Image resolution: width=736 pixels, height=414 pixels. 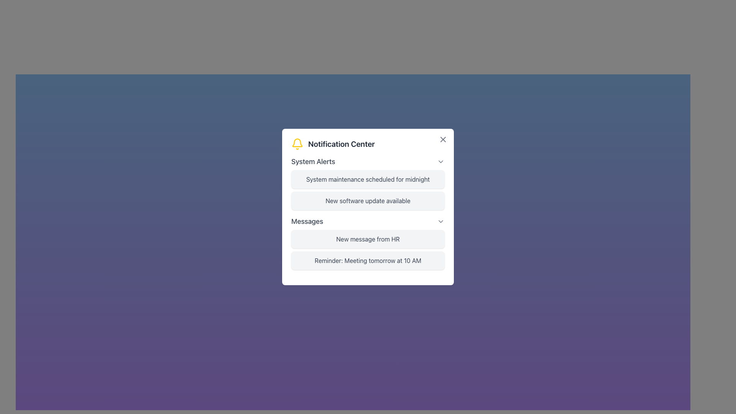 I want to click on the 'X' shaped close button located at the top-right corner of the notification dialog box, so click(x=443, y=139).